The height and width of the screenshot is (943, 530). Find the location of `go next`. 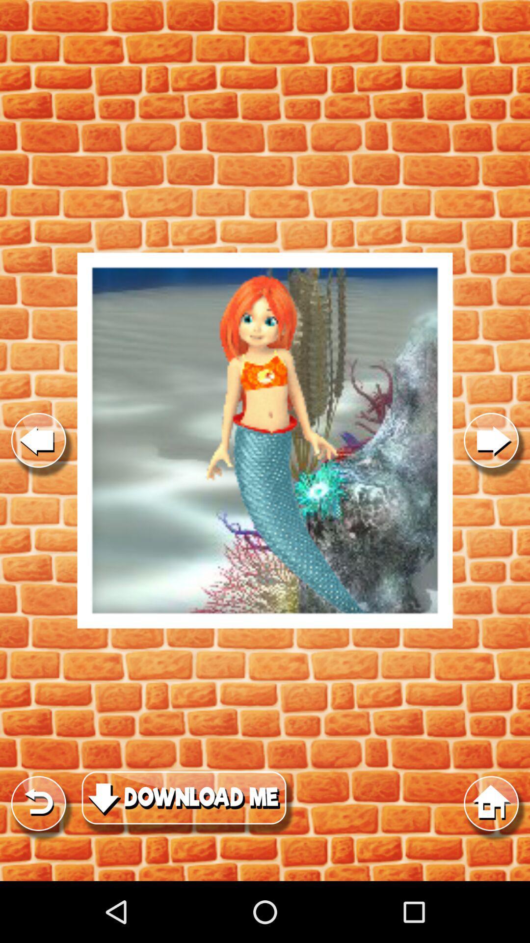

go next is located at coordinates (491, 440).